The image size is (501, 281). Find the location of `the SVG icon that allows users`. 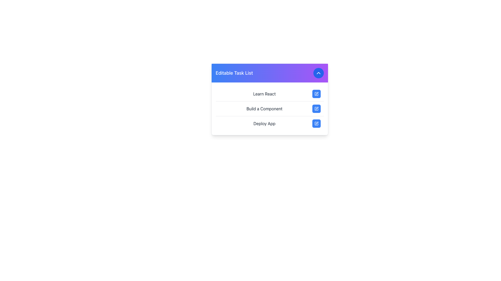

the SVG icon that allows users is located at coordinates (317, 108).